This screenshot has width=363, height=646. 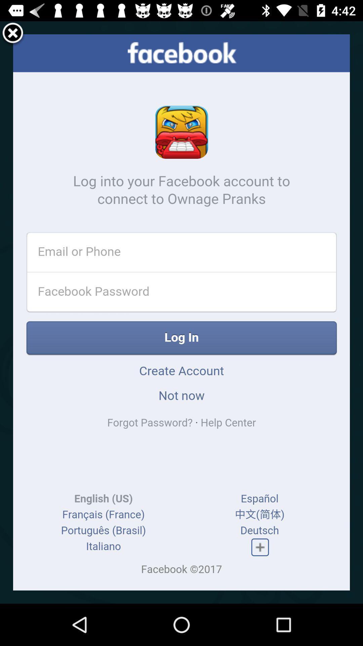 I want to click on exit screen, so click(x=13, y=34).